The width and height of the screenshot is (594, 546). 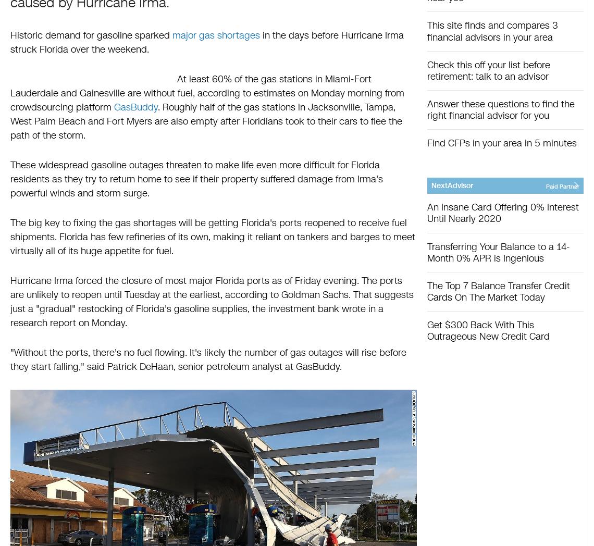 What do you see at coordinates (10, 121) in the screenshot?
I see `'. Roughly half of the gas stations in Jacksonville, Tampa, West Palm Beach and Fort Myers are also empty after Floridians took to their cars to flee the path of the storm.'` at bounding box center [10, 121].